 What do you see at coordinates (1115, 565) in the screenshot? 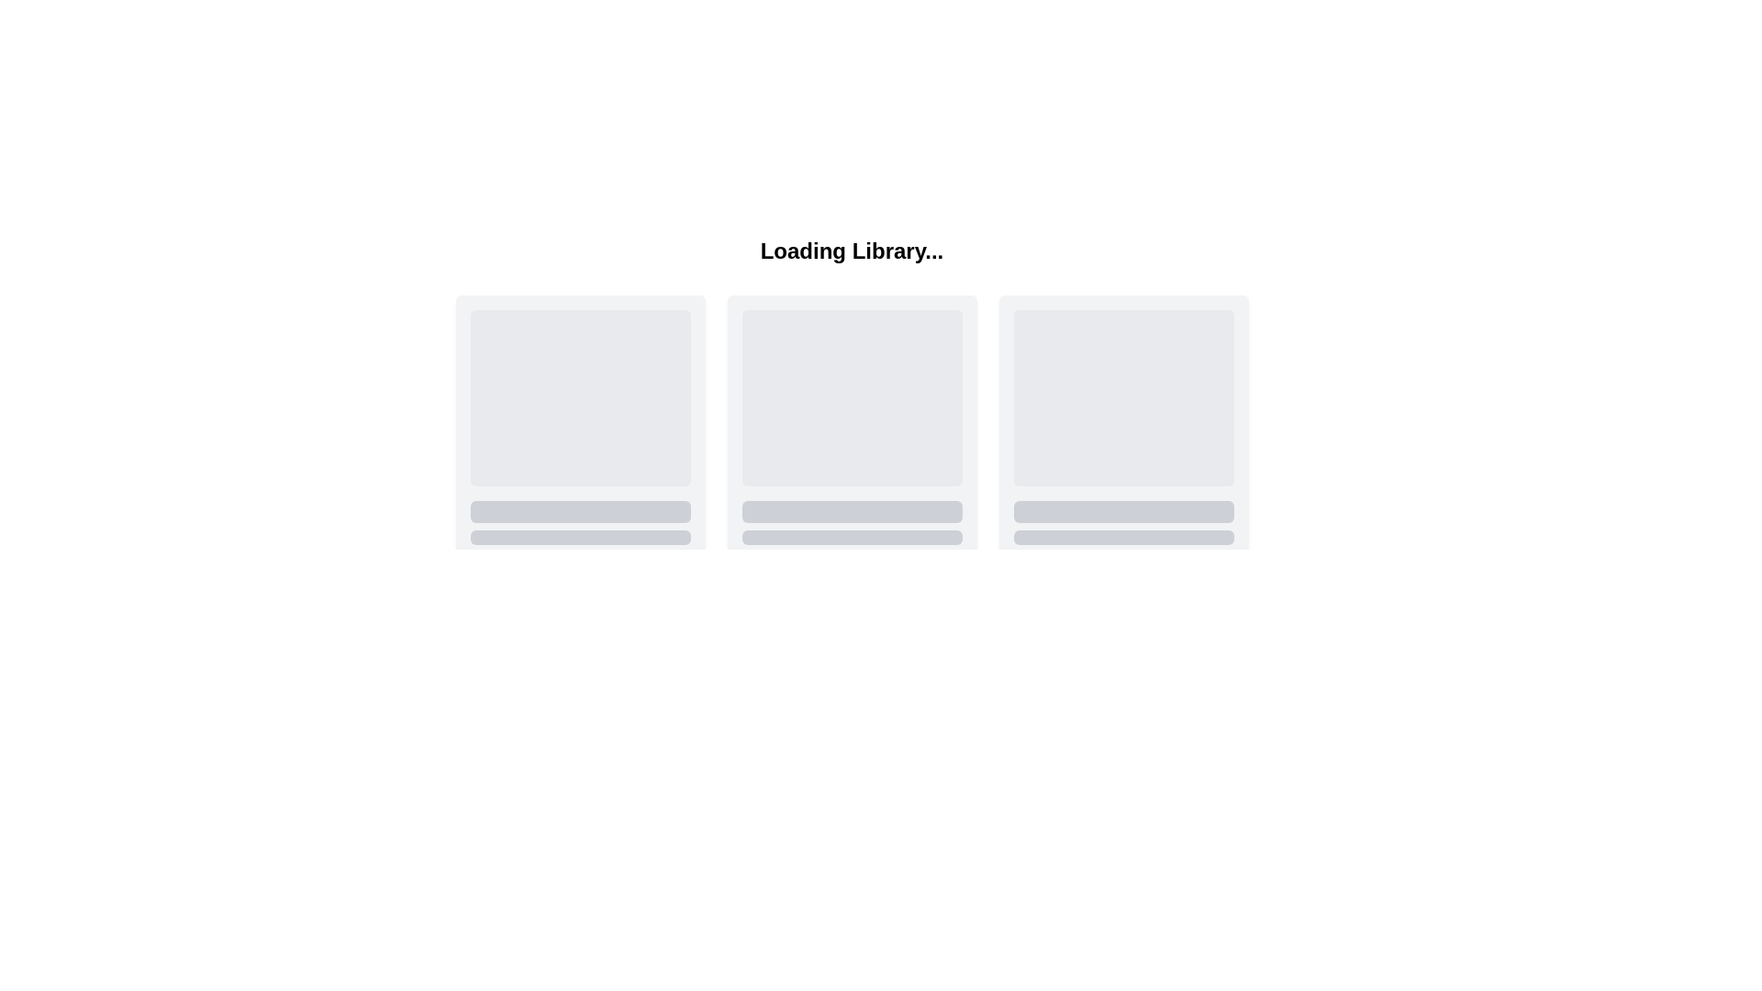
I see `the visual display block located at the bottom-right area of the display, positioned to the right of its sibling element and under a set of uniform UI cards` at bounding box center [1115, 565].